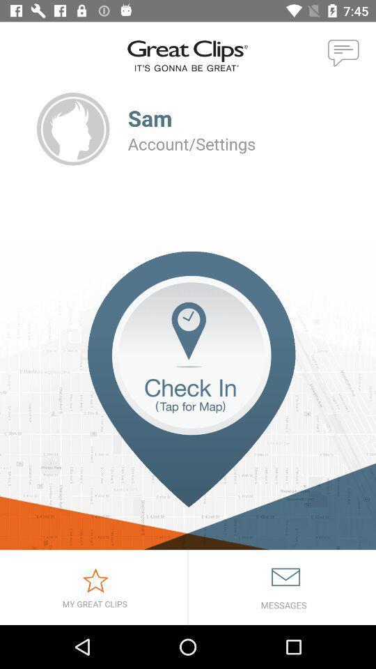 This screenshot has height=669, width=376. Describe the element at coordinates (343, 54) in the screenshot. I see `chat menu` at that location.